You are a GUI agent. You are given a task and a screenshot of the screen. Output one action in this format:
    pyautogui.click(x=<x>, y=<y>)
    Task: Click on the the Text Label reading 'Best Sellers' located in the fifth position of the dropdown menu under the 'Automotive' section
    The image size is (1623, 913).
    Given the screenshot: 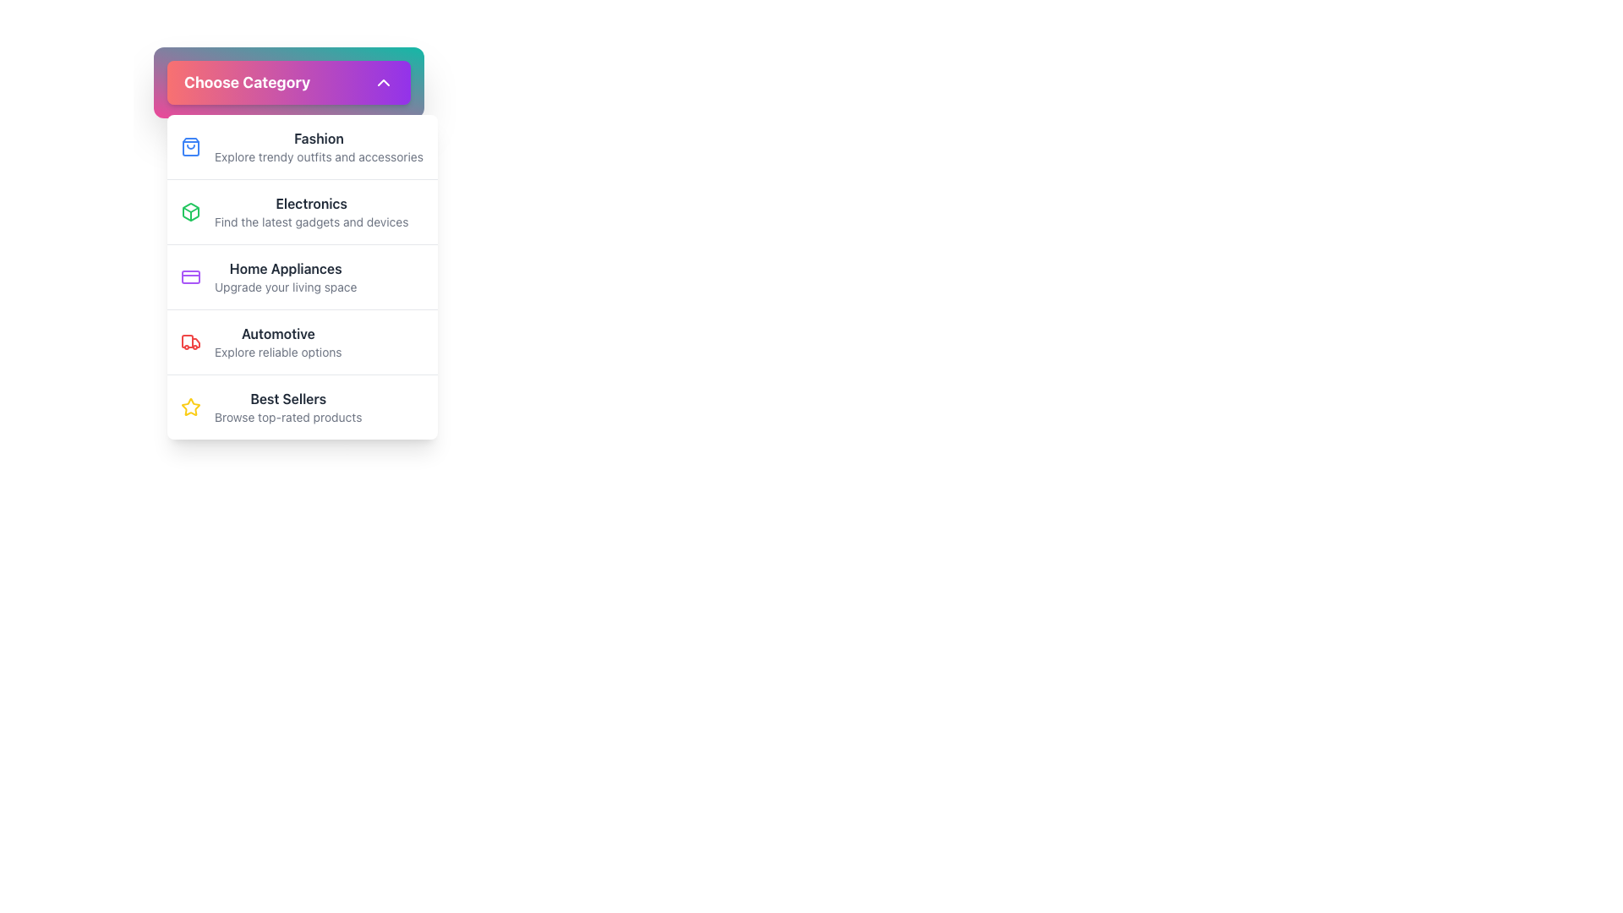 What is the action you would take?
    pyautogui.click(x=288, y=398)
    